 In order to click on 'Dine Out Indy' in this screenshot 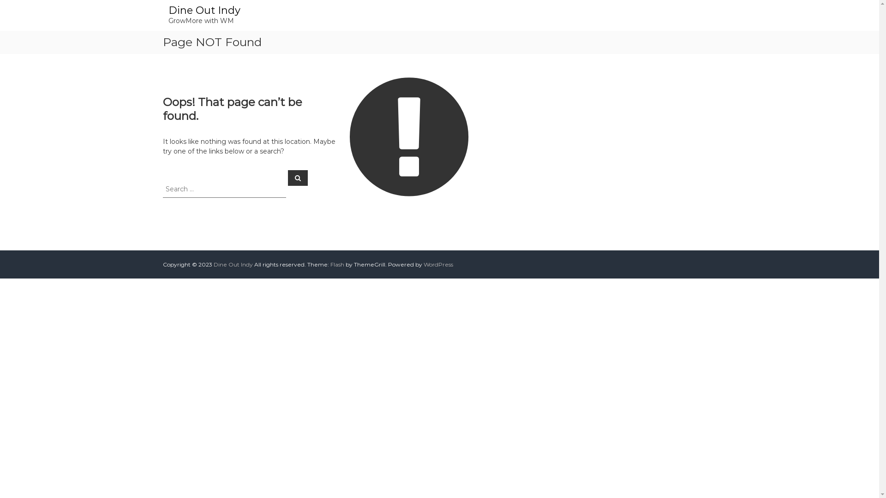, I will do `click(233, 264)`.